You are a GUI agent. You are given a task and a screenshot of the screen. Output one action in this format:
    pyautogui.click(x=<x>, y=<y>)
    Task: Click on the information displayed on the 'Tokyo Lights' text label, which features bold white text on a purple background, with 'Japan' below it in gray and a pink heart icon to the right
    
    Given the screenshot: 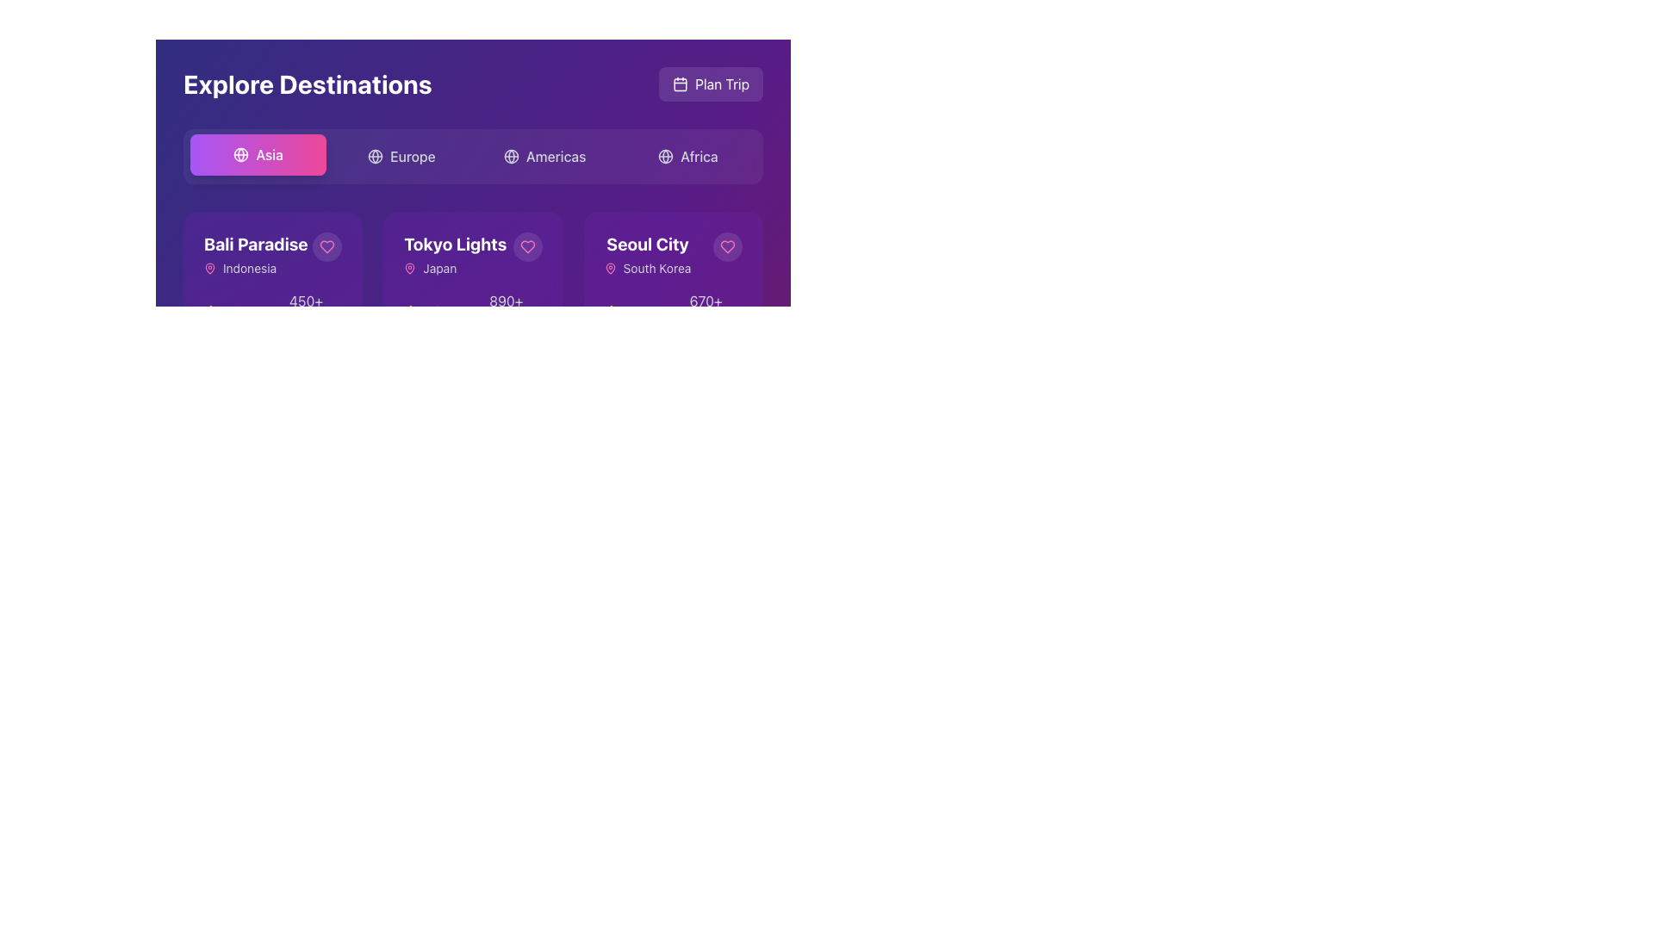 What is the action you would take?
    pyautogui.click(x=473, y=255)
    